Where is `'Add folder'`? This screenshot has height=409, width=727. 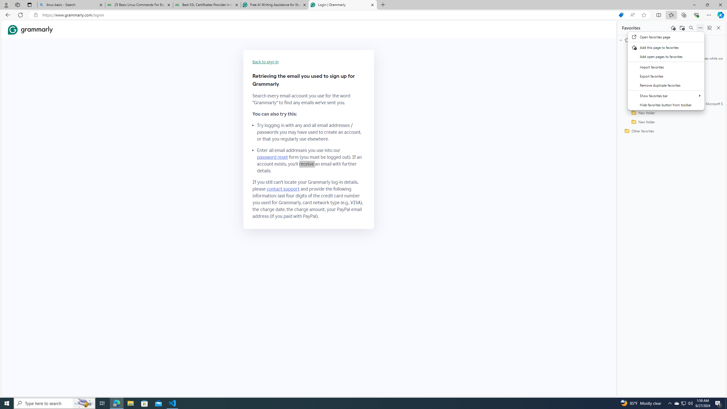
'Add folder' is located at coordinates (682, 27).